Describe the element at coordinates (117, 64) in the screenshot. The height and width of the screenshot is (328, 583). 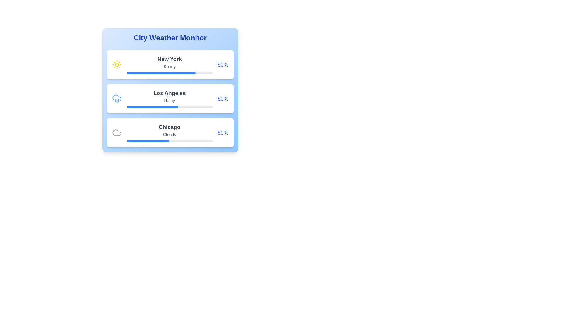
I see `the circular shape within the sun icon that represents sunny weather conditions, located next to 'Sunny' and 'New York' on the weather card` at that location.